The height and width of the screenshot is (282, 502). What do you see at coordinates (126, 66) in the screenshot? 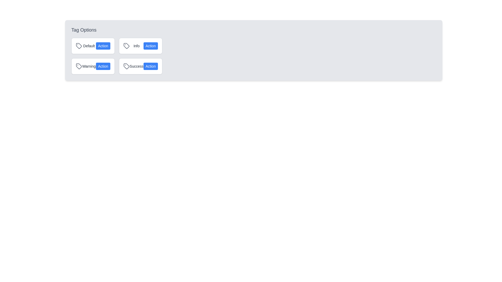
I see `the success icon located to the left of the 'Success' text and adjacent to the blue 'Action' button` at bounding box center [126, 66].